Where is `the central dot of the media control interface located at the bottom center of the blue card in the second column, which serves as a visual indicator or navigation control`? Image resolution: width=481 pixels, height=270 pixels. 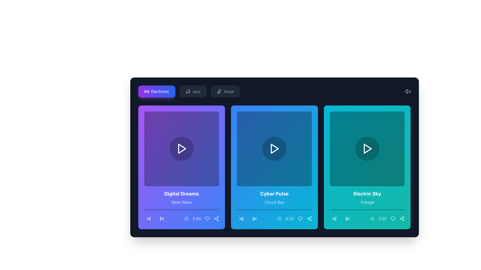
the central dot of the media control interface located at the bottom center of the blue card in the second column, which serves as a visual indicator or navigation control is located at coordinates (248, 218).